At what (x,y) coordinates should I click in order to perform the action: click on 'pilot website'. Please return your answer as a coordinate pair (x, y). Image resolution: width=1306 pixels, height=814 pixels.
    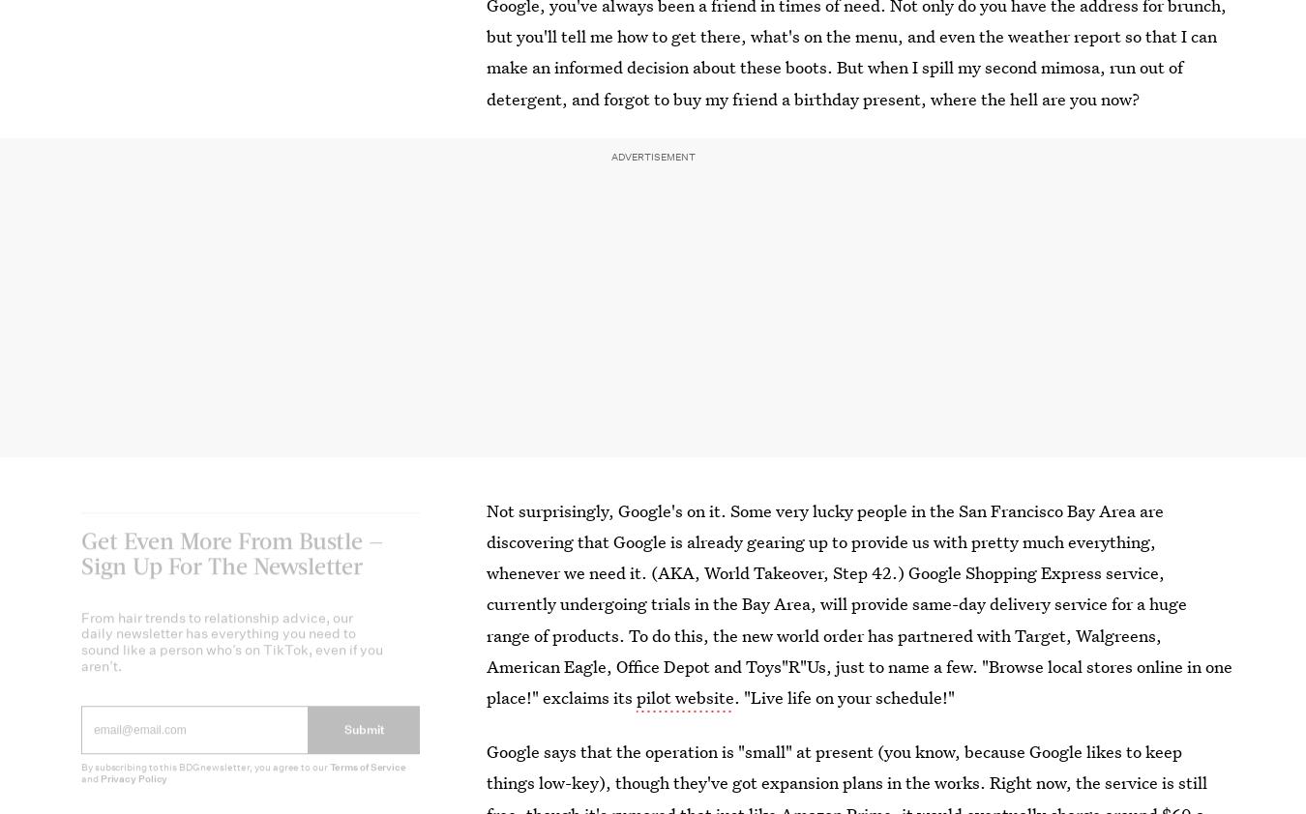
    Looking at the image, I should click on (684, 697).